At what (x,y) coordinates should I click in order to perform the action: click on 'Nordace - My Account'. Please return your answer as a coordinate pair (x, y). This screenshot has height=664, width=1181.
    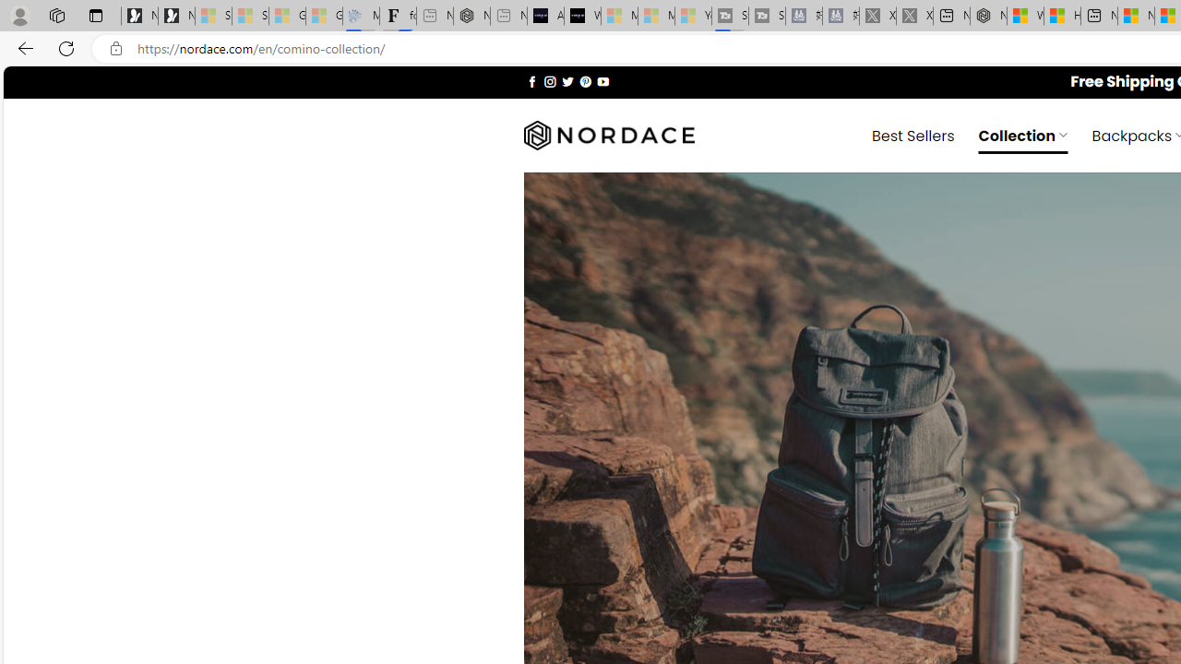
    Looking at the image, I should click on (987, 16).